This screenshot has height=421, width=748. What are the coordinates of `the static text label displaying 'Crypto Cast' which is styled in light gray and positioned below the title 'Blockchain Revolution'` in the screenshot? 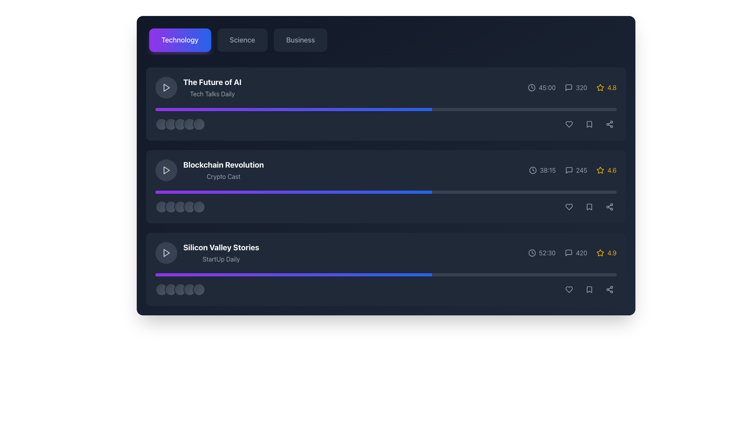 It's located at (223, 176).